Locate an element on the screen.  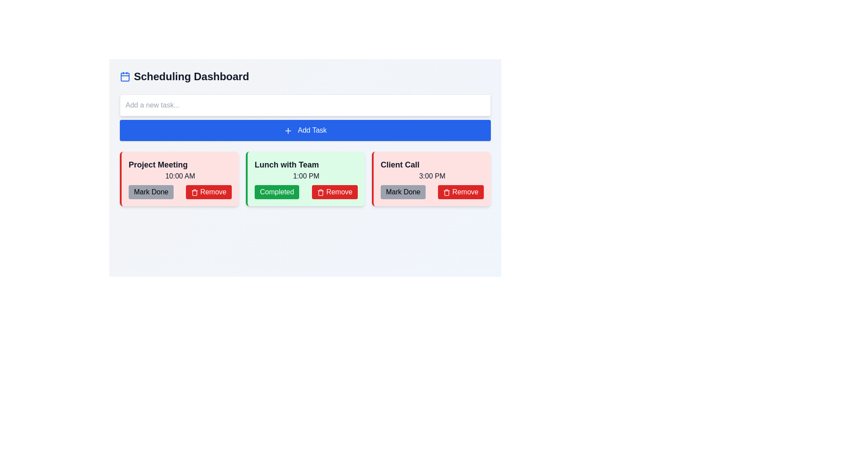
the stylized trash icon that is part of the 'Remove' button adjacent to the 'Client Call' card at 3:00 PM is located at coordinates (446, 193).